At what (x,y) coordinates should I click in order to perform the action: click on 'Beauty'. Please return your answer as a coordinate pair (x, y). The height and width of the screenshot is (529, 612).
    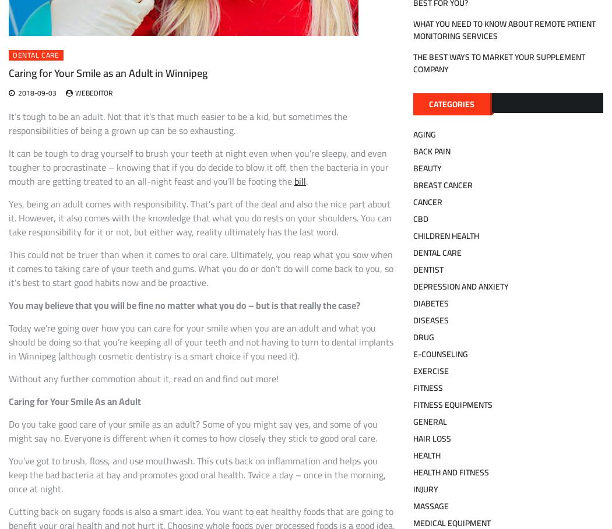
    Looking at the image, I should click on (426, 168).